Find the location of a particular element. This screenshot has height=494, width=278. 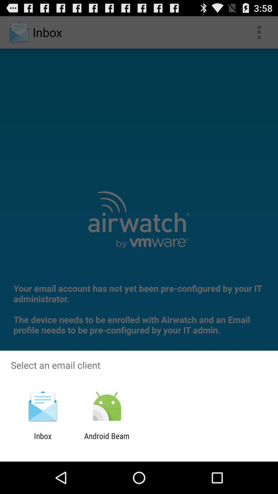

the app next to the android beam icon is located at coordinates (42, 440).